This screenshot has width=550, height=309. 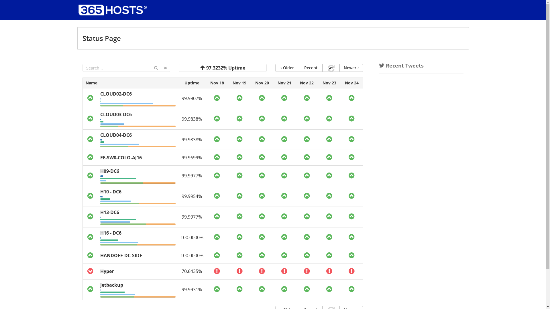 What do you see at coordinates (107, 271) in the screenshot?
I see `'Hyper'` at bounding box center [107, 271].